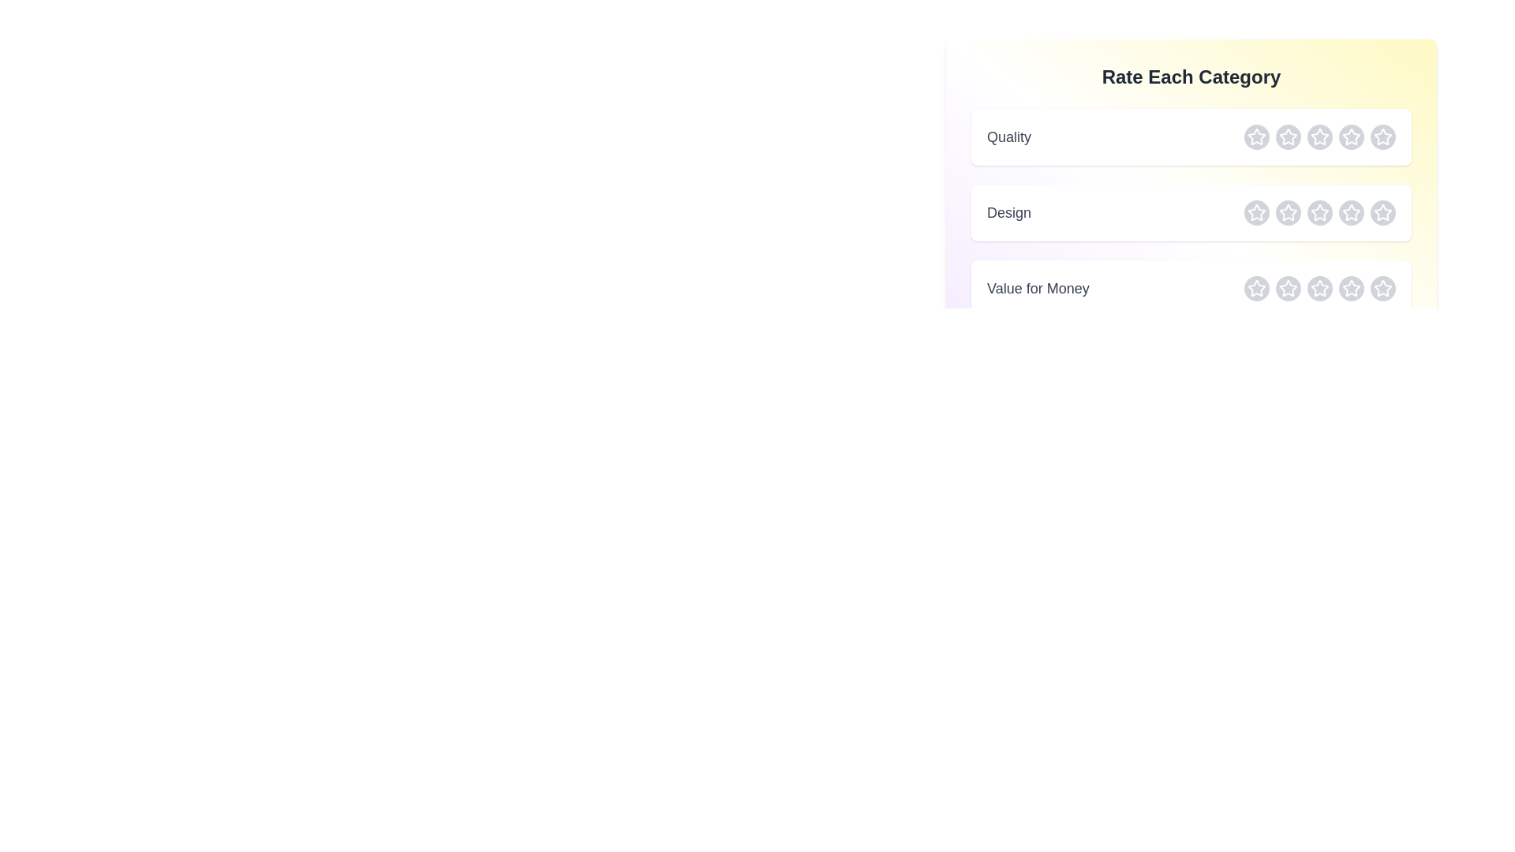 The height and width of the screenshot is (852, 1515). What do you see at coordinates (1320, 136) in the screenshot?
I see `the star corresponding to 3 stars in the selected category` at bounding box center [1320, 136].